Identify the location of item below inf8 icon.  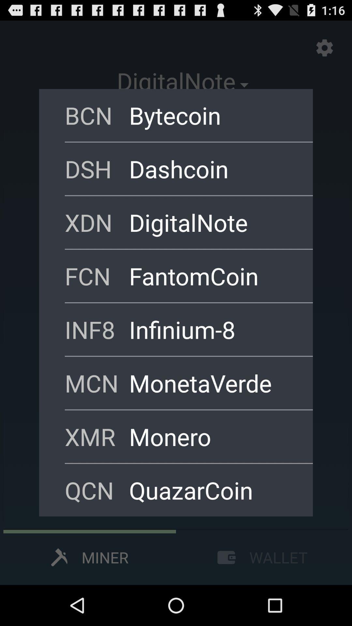
(97, 383).